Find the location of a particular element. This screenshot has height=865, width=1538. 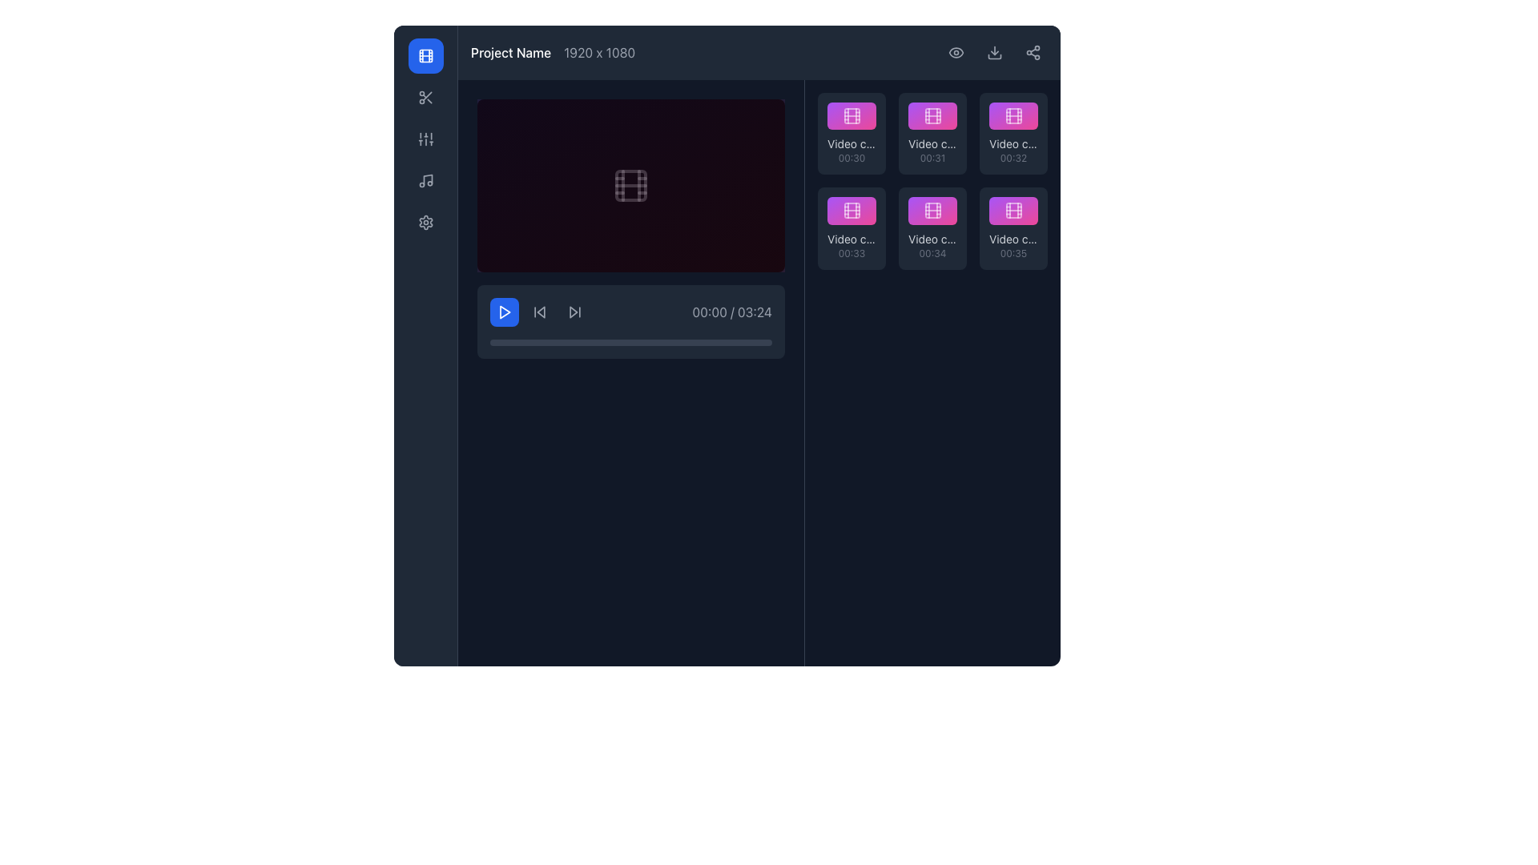

text label identifying the video clip located in the top-right section of the grid, specifically in the third column of the first row is located at coordinates (1013, 144).